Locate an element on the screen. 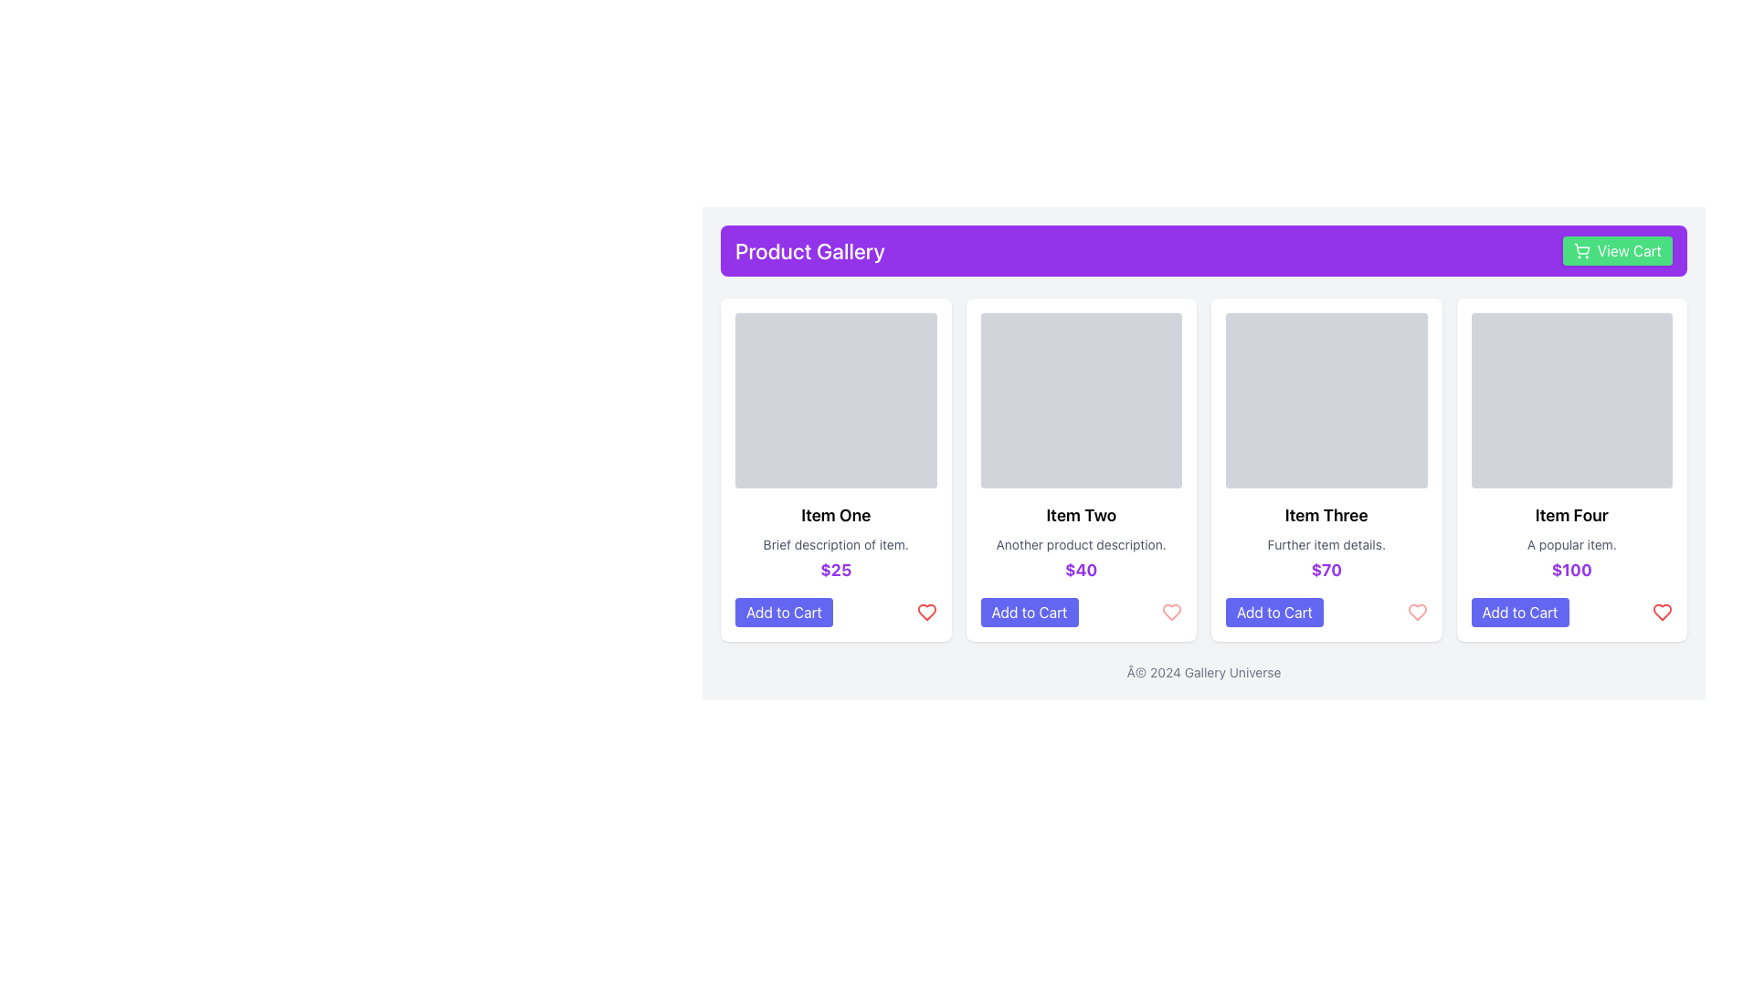 This screenshot has height=986, width=1754. the Text Label displaying 'Item Three', which is located within the third card in a grid layout, positioned below the image area and above the descriptive text 'Further item details.' is located at coordinates (1326, 515).